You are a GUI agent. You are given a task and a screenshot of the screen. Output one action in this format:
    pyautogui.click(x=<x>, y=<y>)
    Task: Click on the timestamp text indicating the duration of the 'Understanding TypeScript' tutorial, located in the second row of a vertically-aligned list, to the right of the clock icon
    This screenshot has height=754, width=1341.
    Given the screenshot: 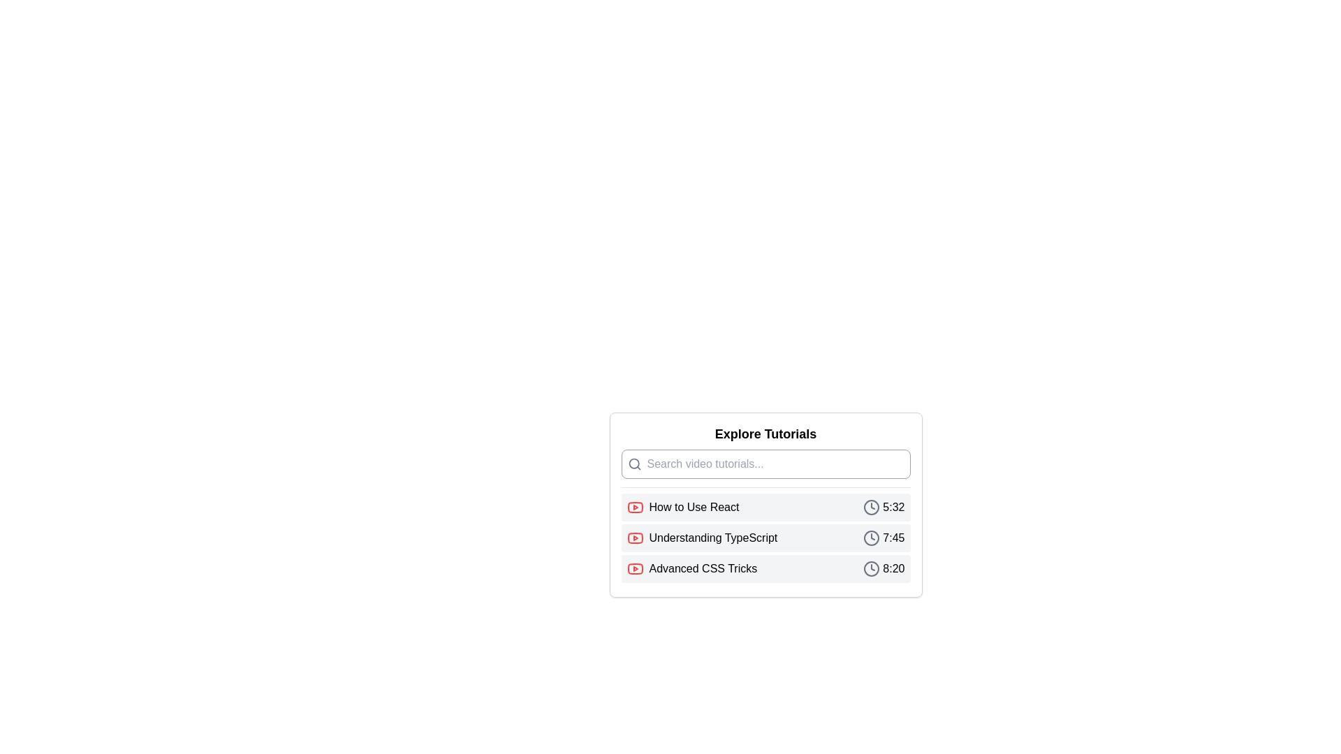 What is the action you would take?
    pyautogui.click(x=893, y=538)
    